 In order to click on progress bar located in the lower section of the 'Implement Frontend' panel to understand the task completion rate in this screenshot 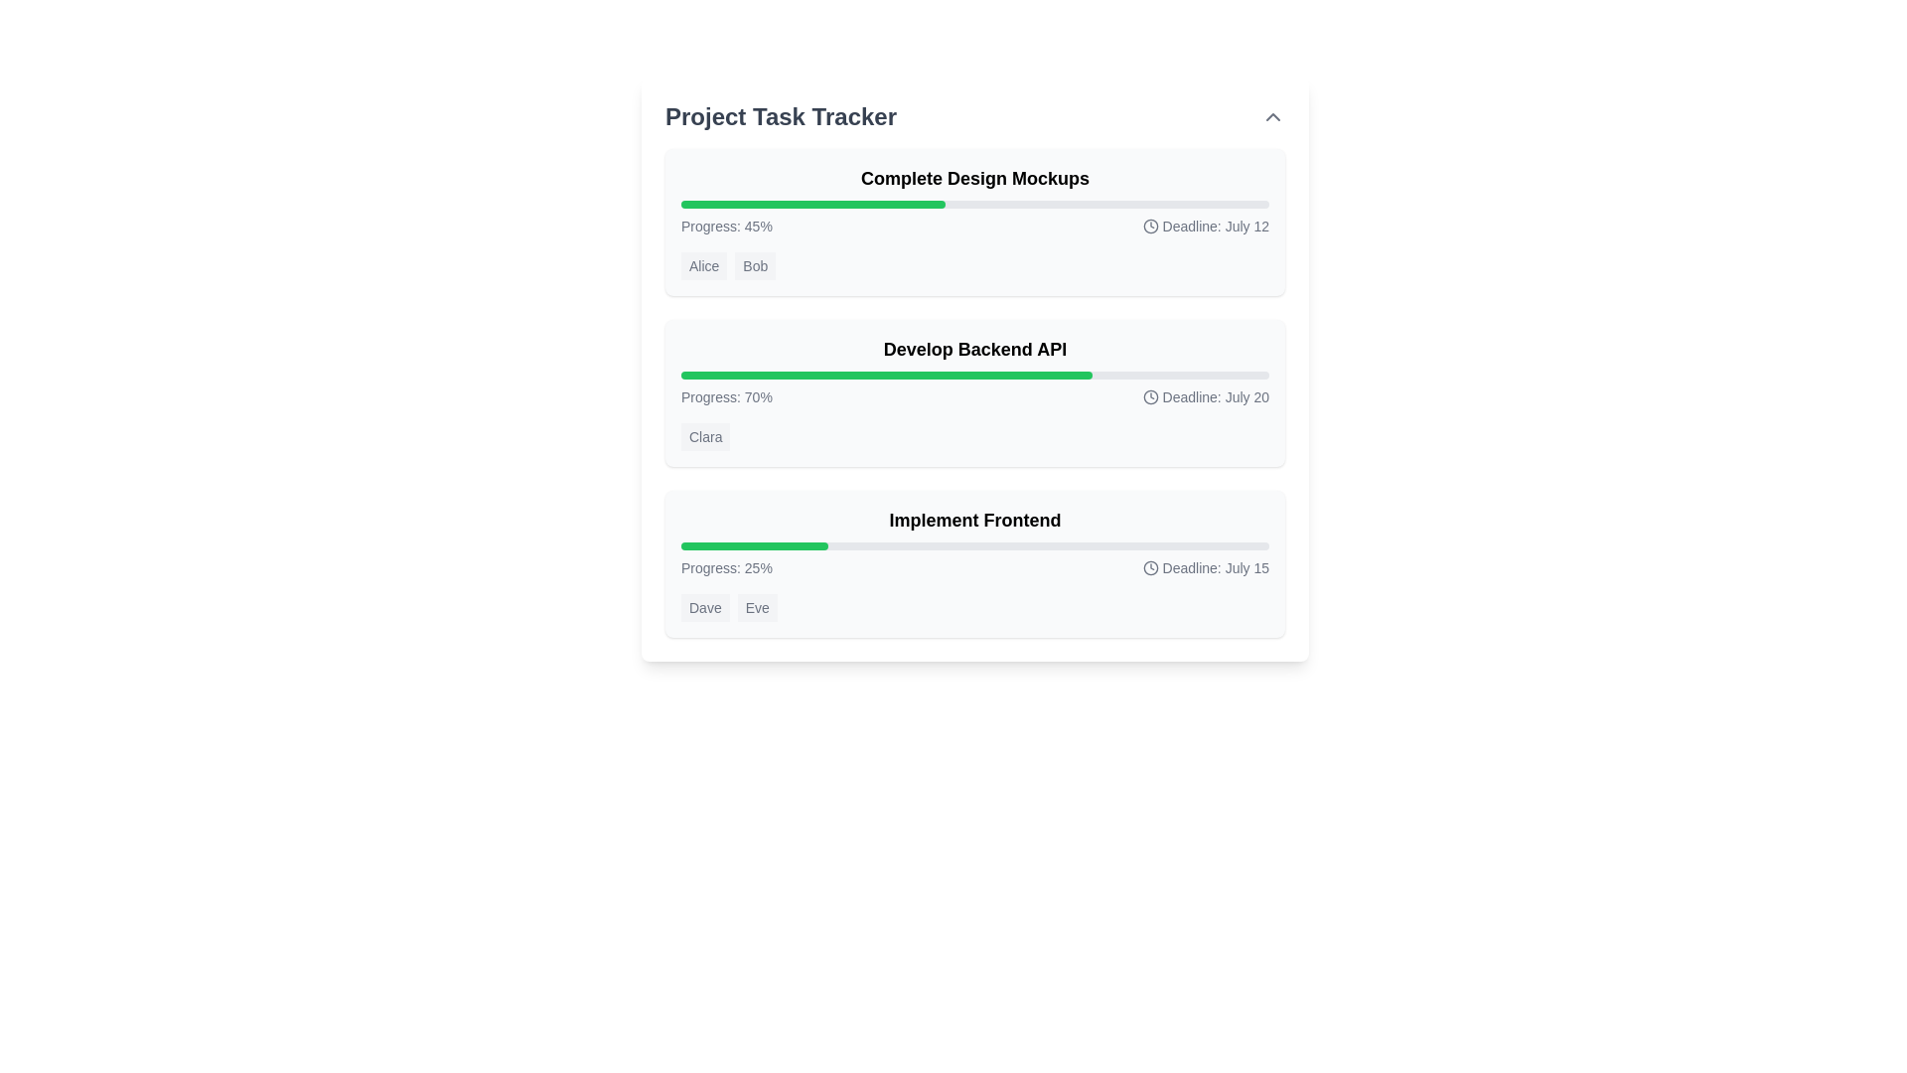, I will do `click(975, 546)`.